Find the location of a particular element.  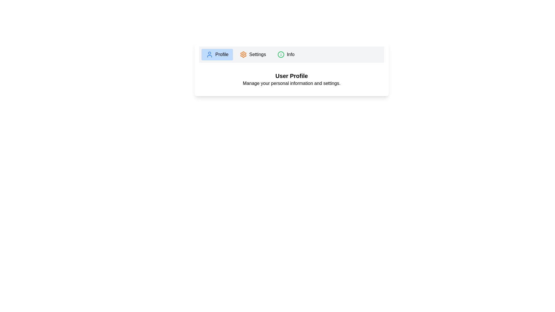

the tab 'Profile' to view its content is located at coordinates (217, 55).